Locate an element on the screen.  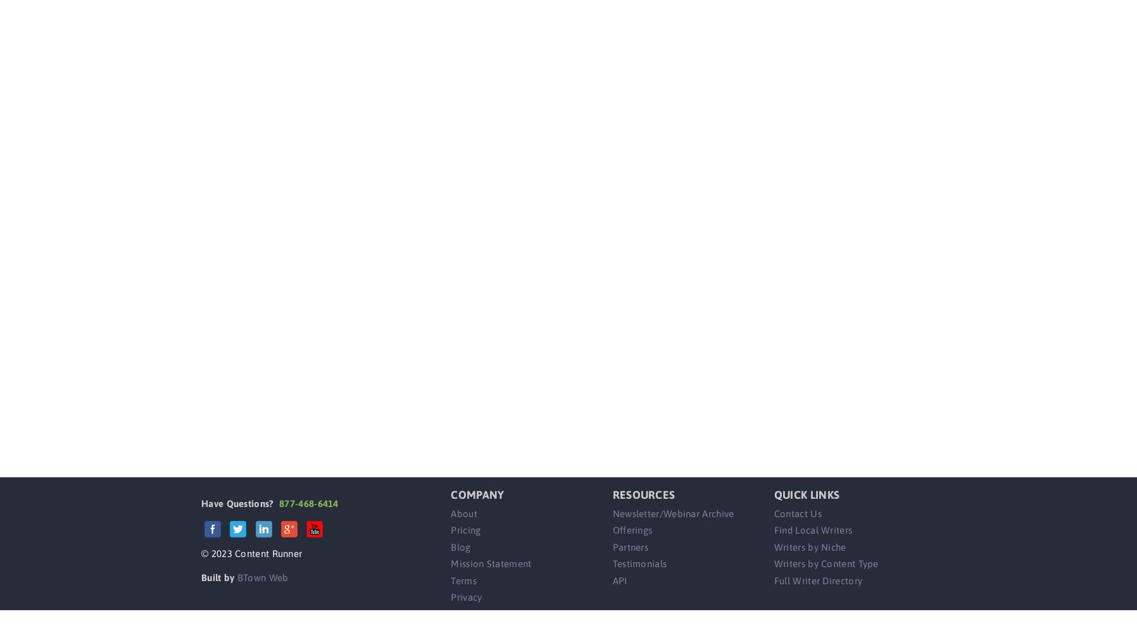
'QUICK LINKS' is located at coordinates (807, 495).